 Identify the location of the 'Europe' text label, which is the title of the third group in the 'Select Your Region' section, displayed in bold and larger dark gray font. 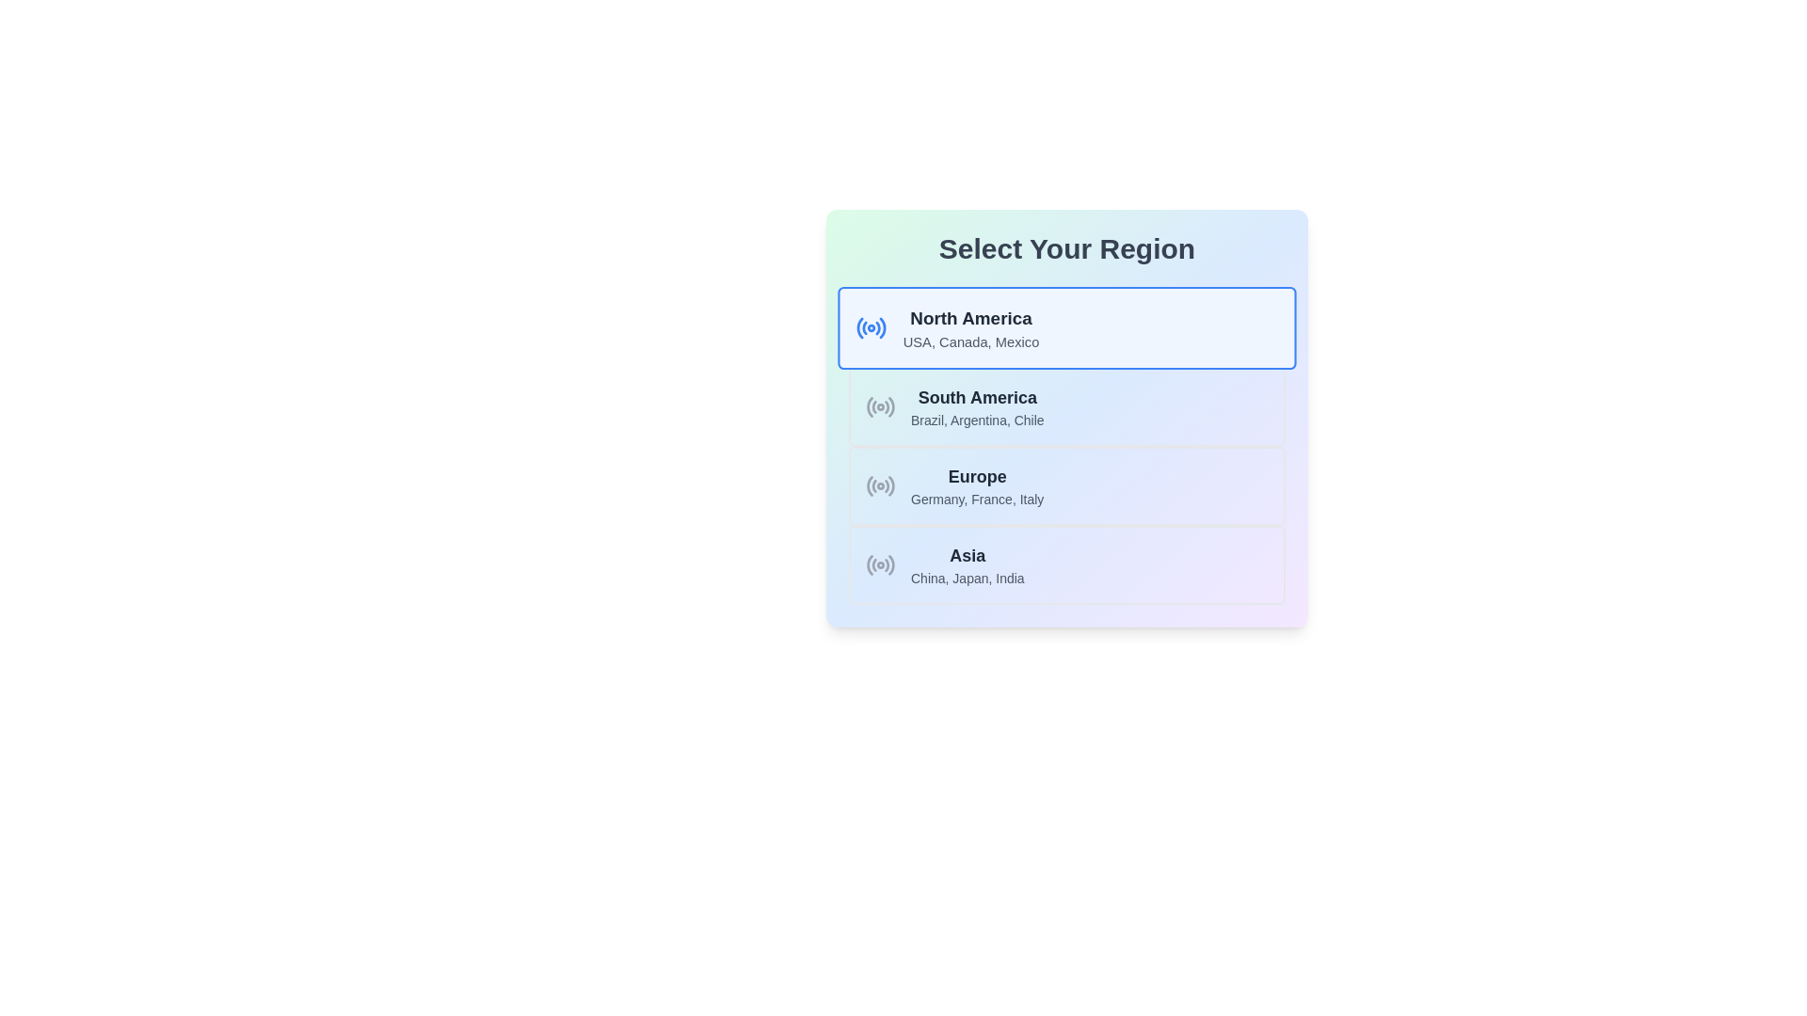
(977, 475).